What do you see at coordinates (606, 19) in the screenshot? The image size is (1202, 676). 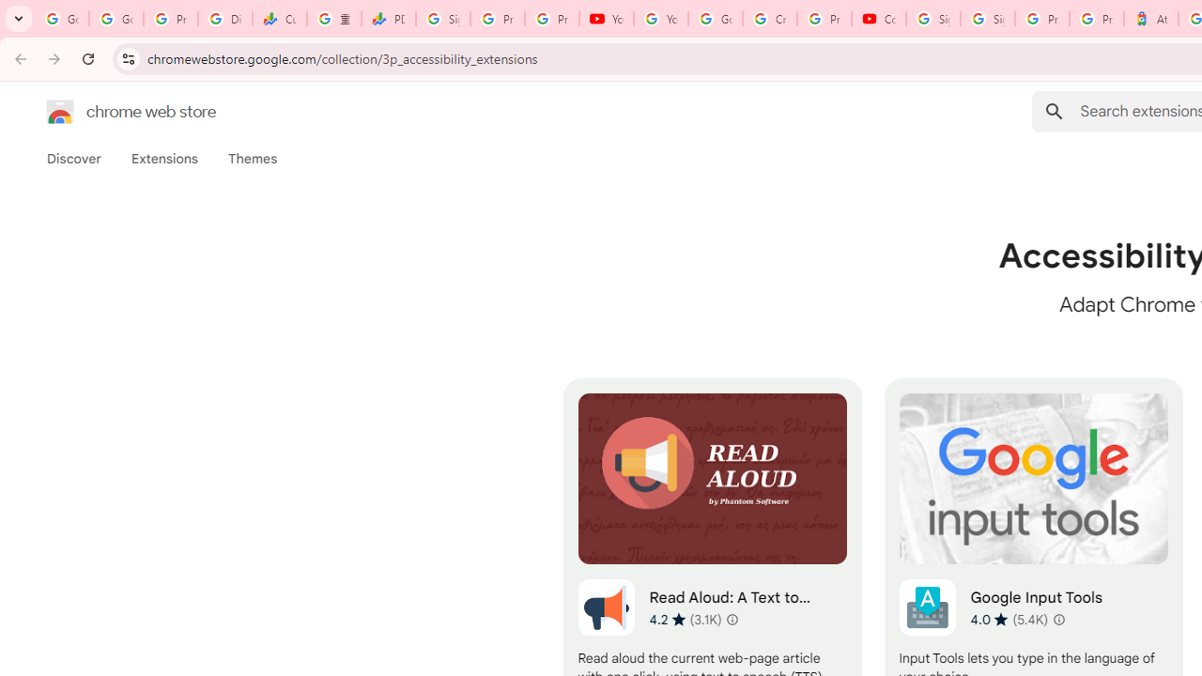 I see `'YouTube'` at bounding box center [606, 19].